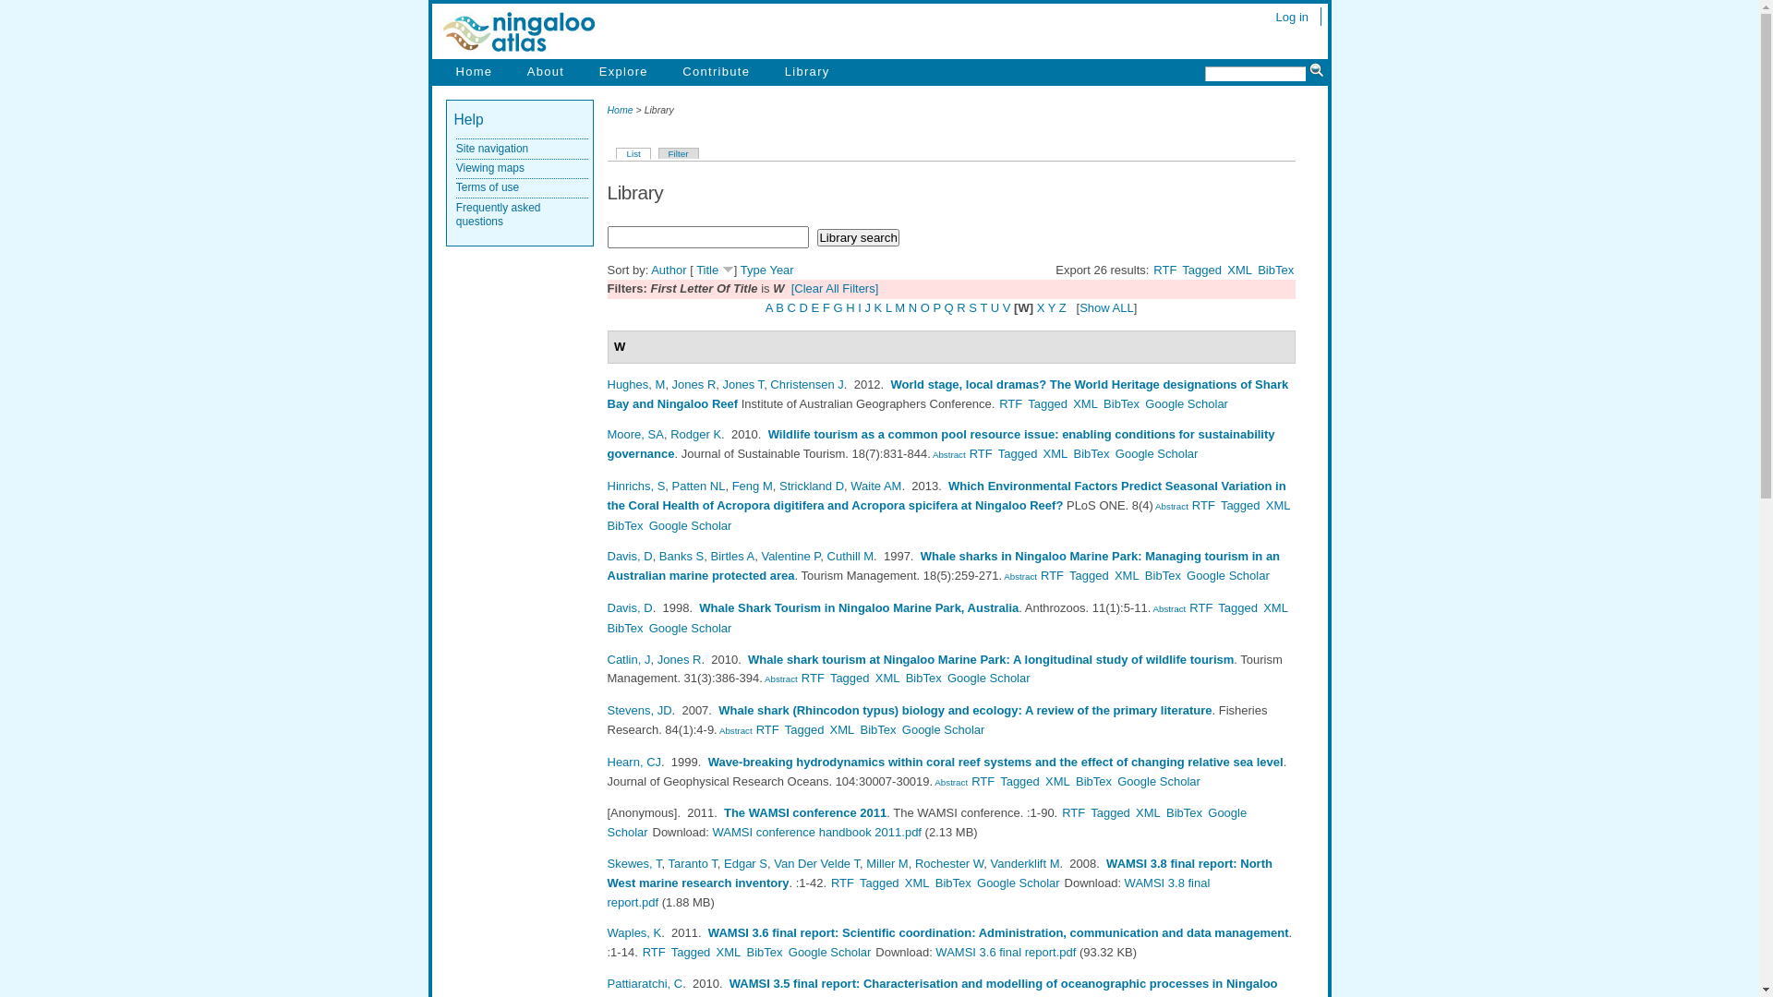  What do you see at coordinates (658, 151) in the screenshot?
I see `'Filter'` at bounding box center [658, 151].